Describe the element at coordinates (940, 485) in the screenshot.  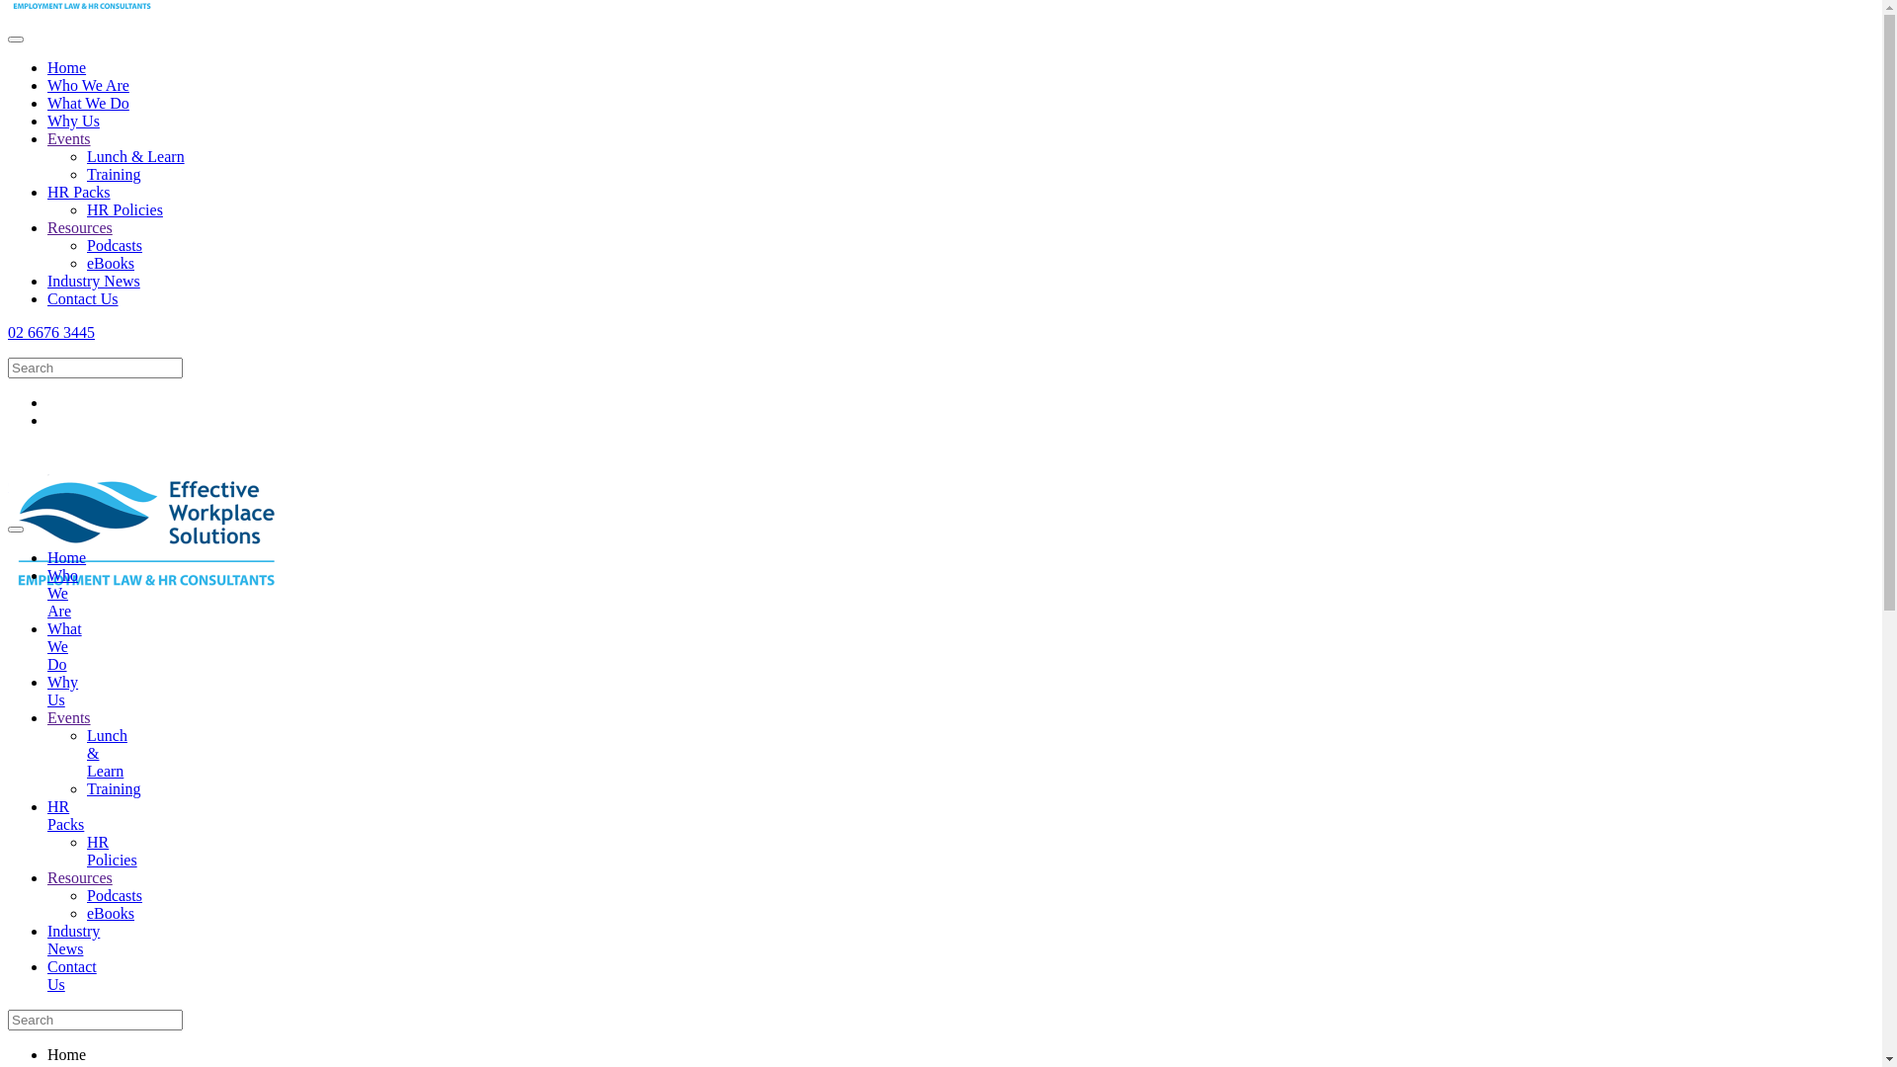
I see `'02 6676 3445'` at that location.